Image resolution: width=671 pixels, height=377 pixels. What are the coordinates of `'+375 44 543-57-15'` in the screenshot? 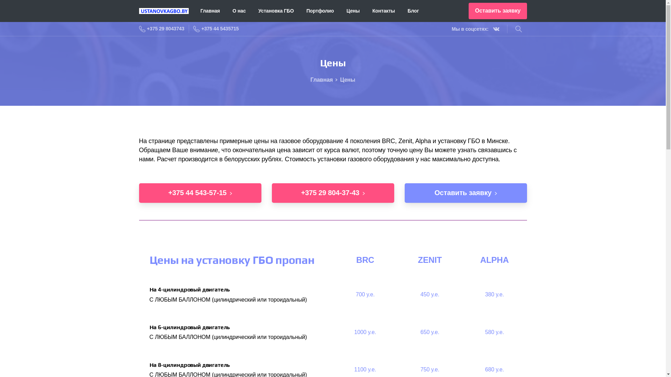 It's located at (200, 193).